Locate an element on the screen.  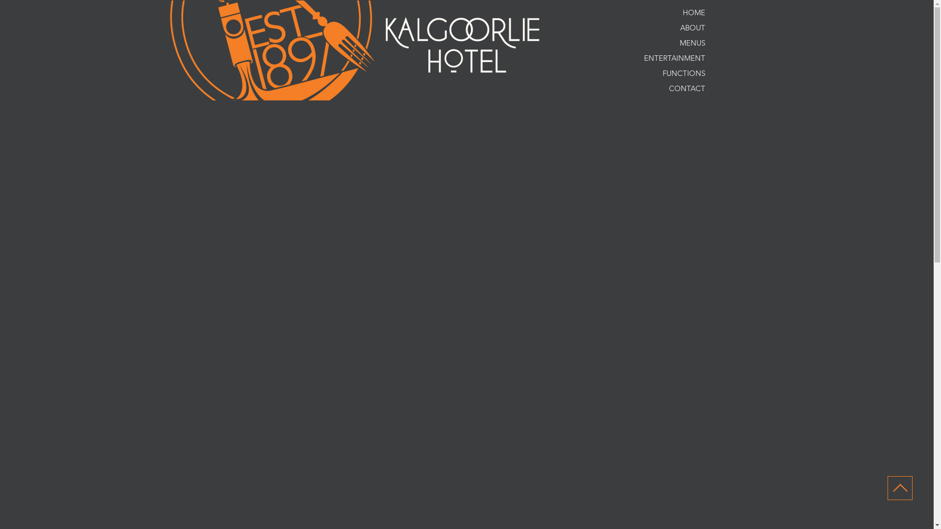
'ENTERTAINMENT' is located at coordinates (663, 58).